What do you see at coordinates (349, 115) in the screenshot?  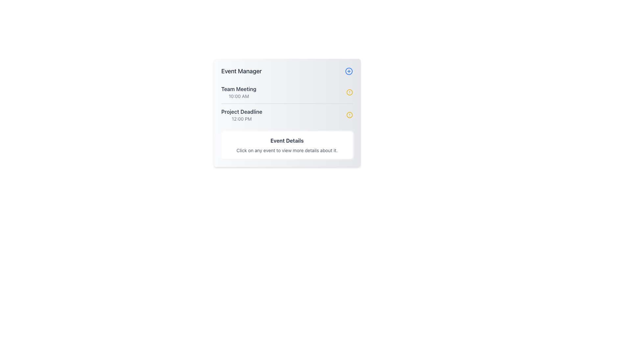 I see `the warning circle SVG graphic located in the 'Project Deadline' section, which indicates an attention-needed status for the associated event` at bounding box center [349, 115].